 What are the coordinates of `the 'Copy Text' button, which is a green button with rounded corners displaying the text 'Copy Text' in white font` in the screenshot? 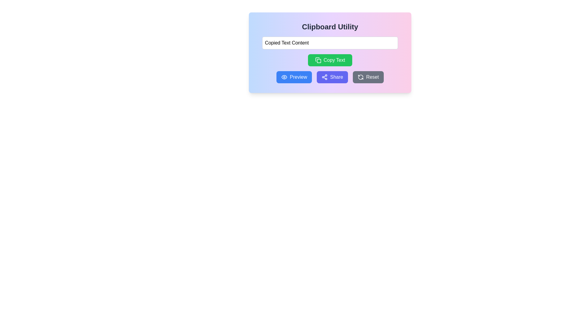 It's located at (334, 60).